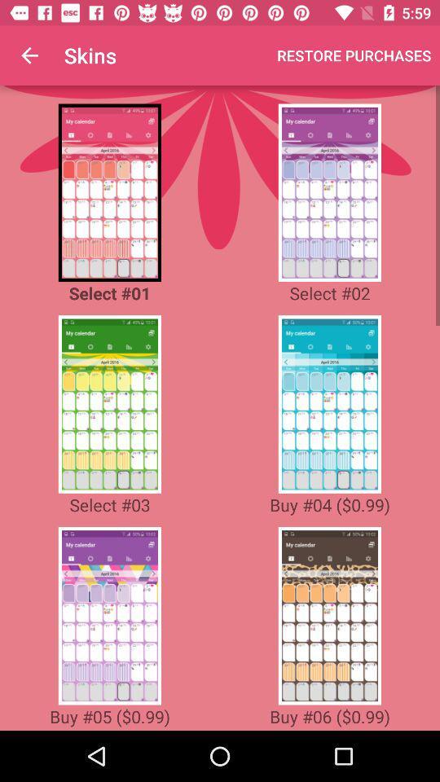 The height and width of the screenshot is (782, 440). What do you see at coordinates (329, 192) in the screenshot?
I see `skin 2` at bounding box center [329, 192].